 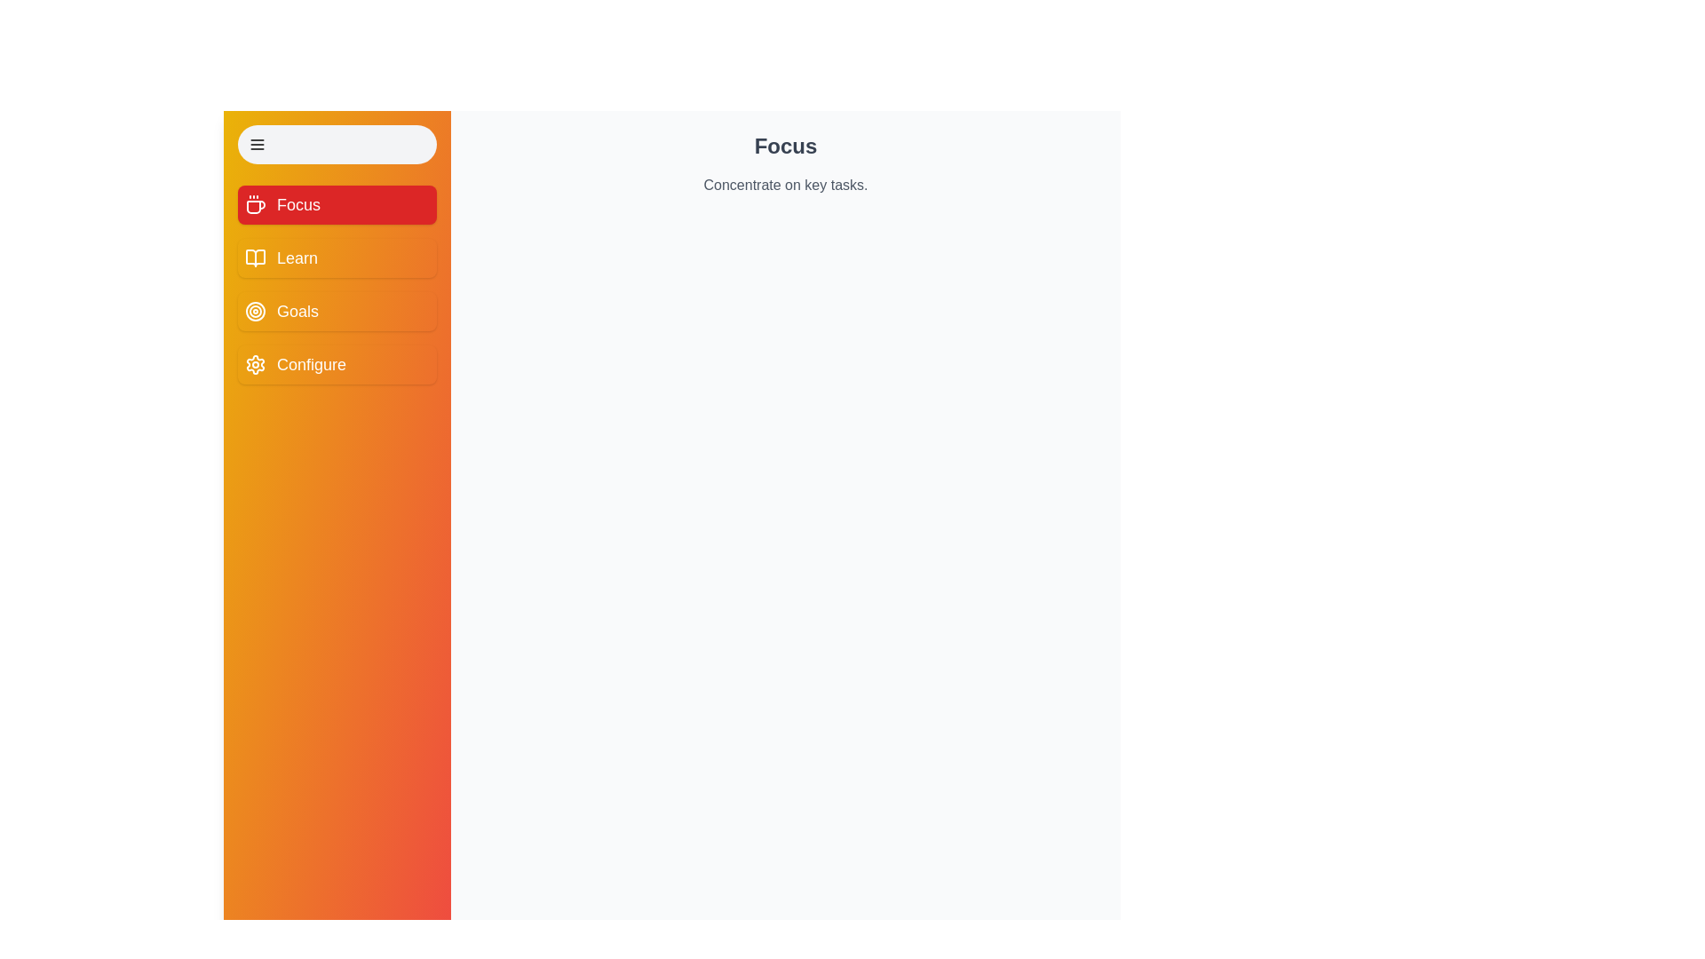 I want to click on the menu item Focus to display its content, so click(x=337, y=204).